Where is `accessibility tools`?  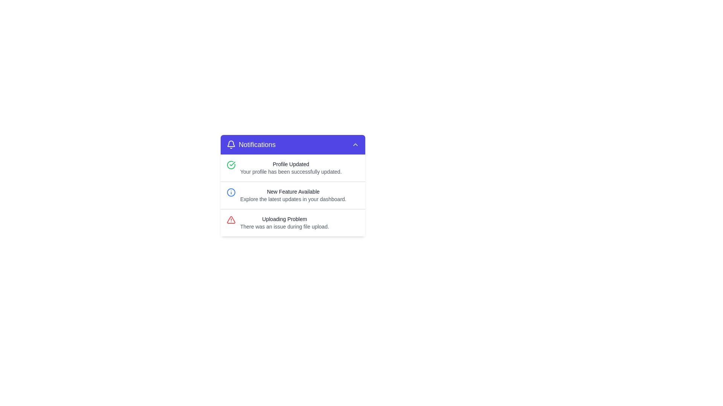
accessibility tools is located at coordinates (231, 144).